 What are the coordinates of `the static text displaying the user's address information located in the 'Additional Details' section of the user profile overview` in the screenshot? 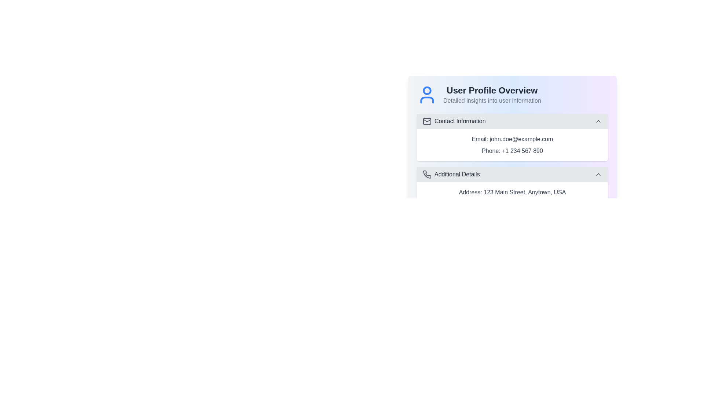 It's located at (512, 192).